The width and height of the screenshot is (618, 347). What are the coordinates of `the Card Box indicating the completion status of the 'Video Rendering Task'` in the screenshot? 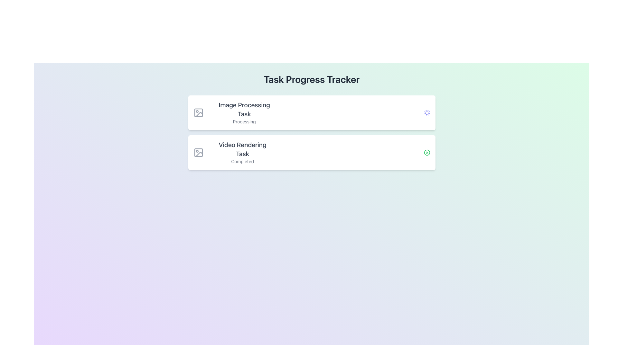 It's located at (312, 152).